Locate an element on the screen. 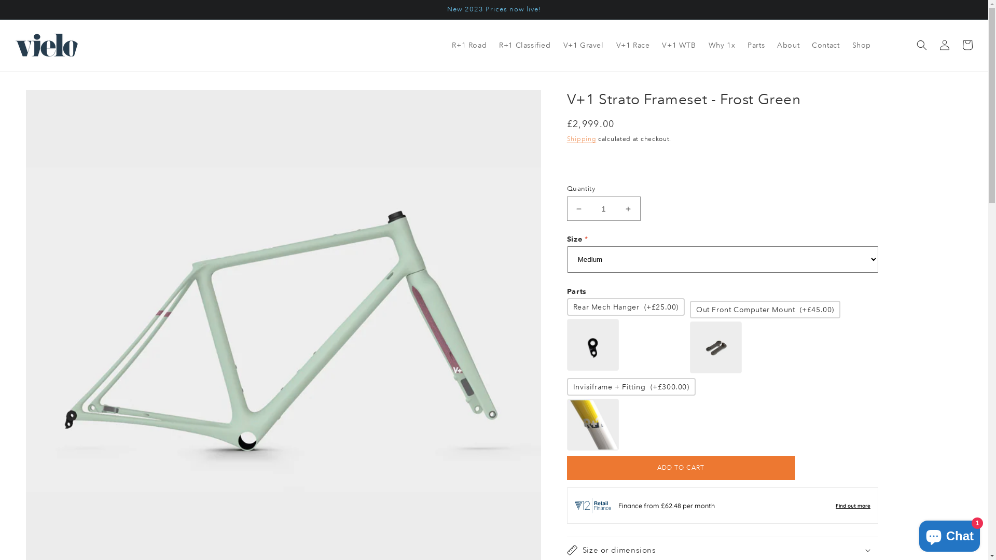 The image size is (996, 560). 'Log in' is located at coordinates (944, 45).